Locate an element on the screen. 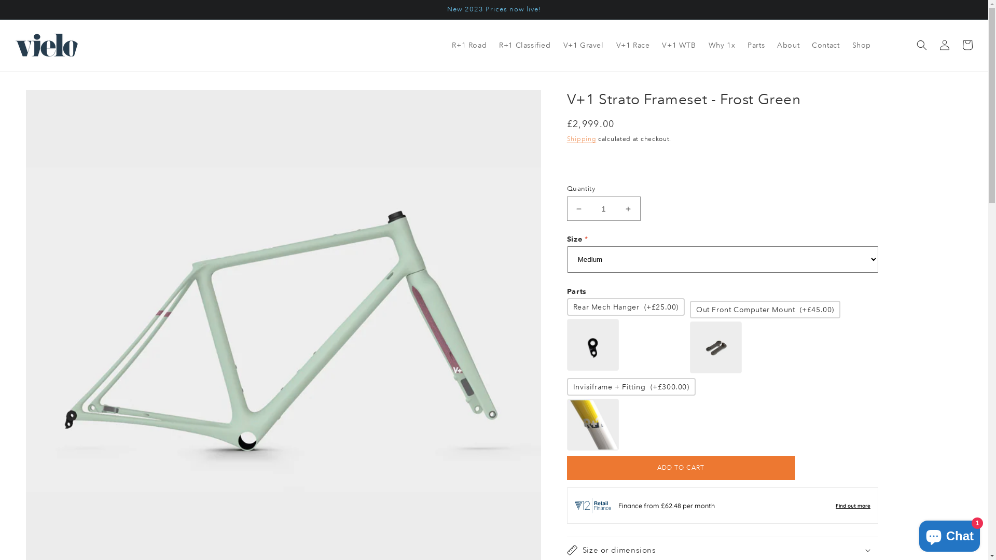 The image size is (996, 560). 'Log in' is located at coordinates (944, 45).